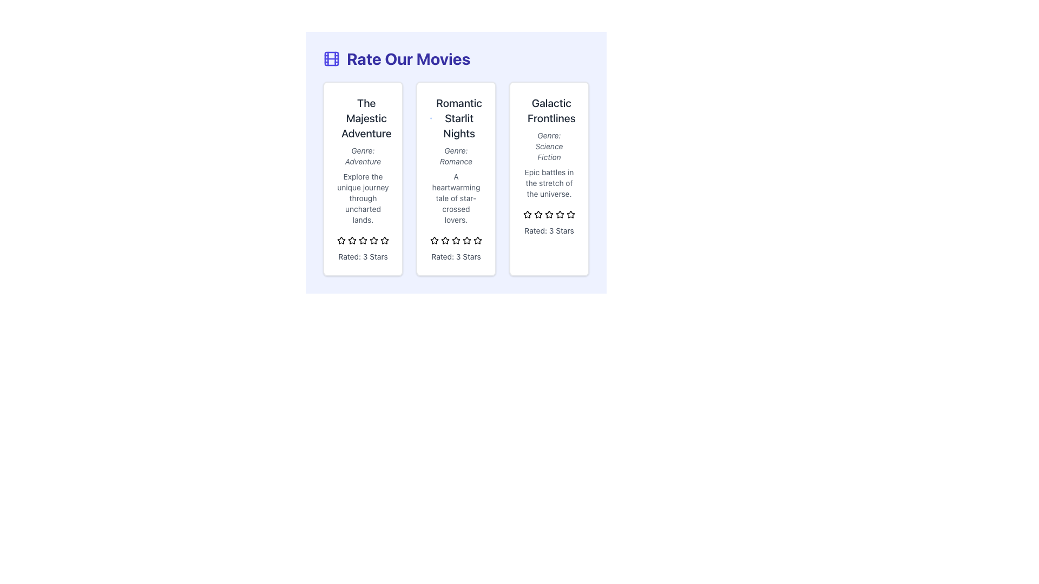 This screenshot has width=1039, height=584. What do you see at coordinates (459, 118) in the screenshot?
I see `the title text element of the movie card displaying 'Romantic Starlit Nights', which is located in the second column of the 'Rate Our Movies' section` at bounding box center [459, 118].